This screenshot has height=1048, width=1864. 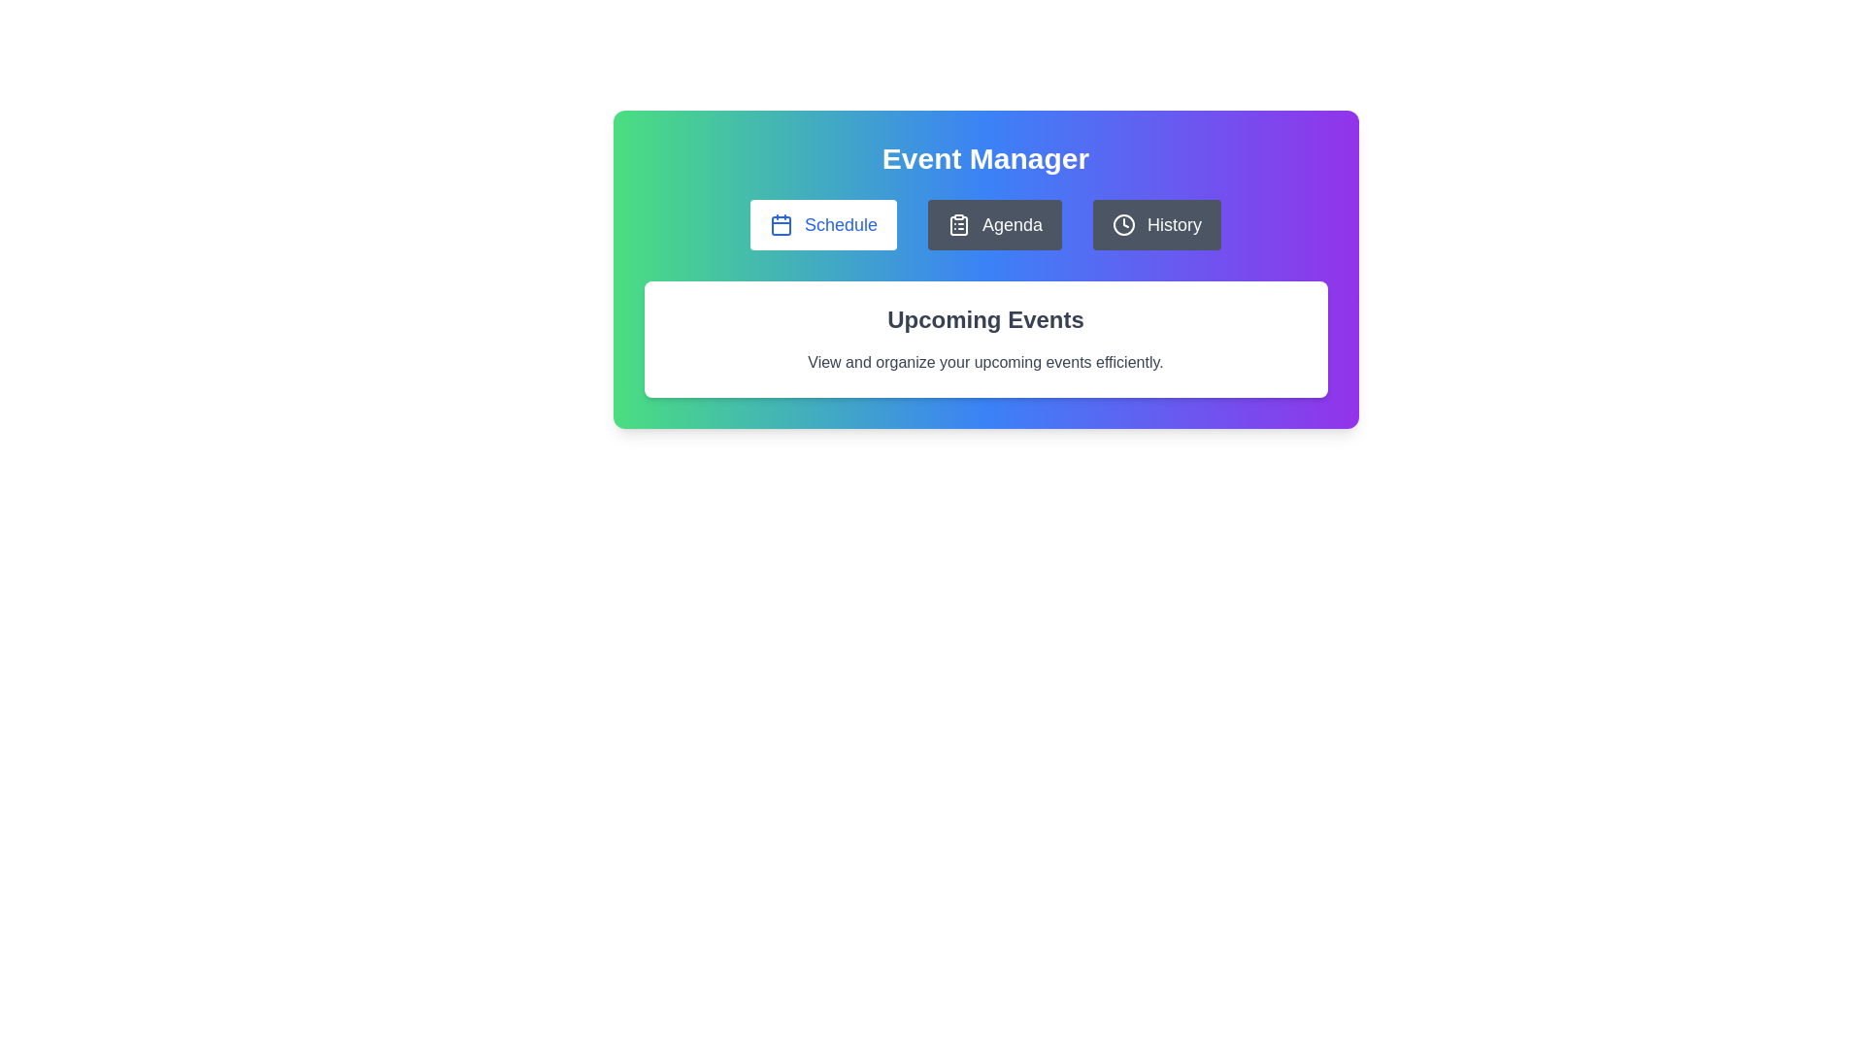 I want to click on the 'Upcoming Events' Description card, which features a white, rounded rectangular section with a shadow effect and contains the title 'Upcoming Events' in bold, so click(x=985, y=339).